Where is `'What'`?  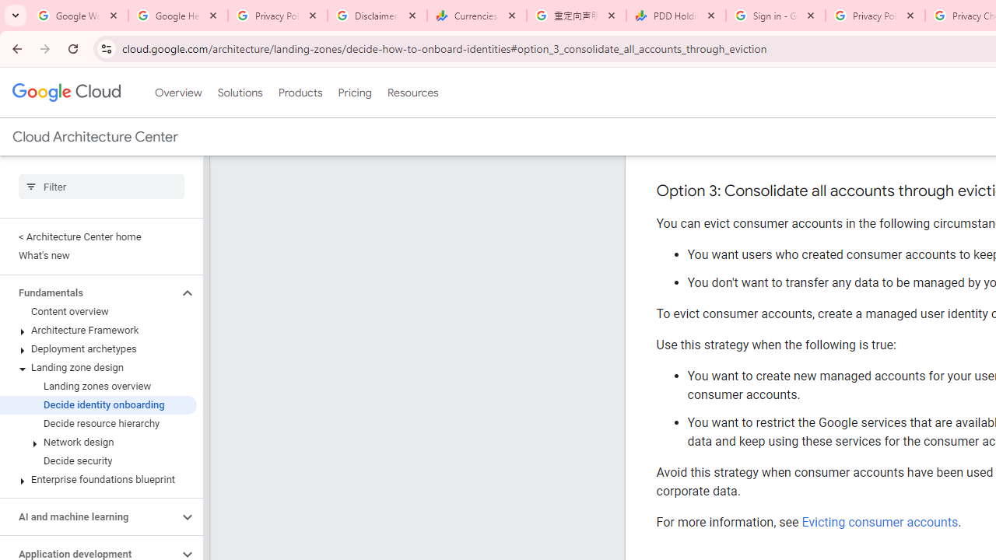 'What' is located at coordinates (97, 255).